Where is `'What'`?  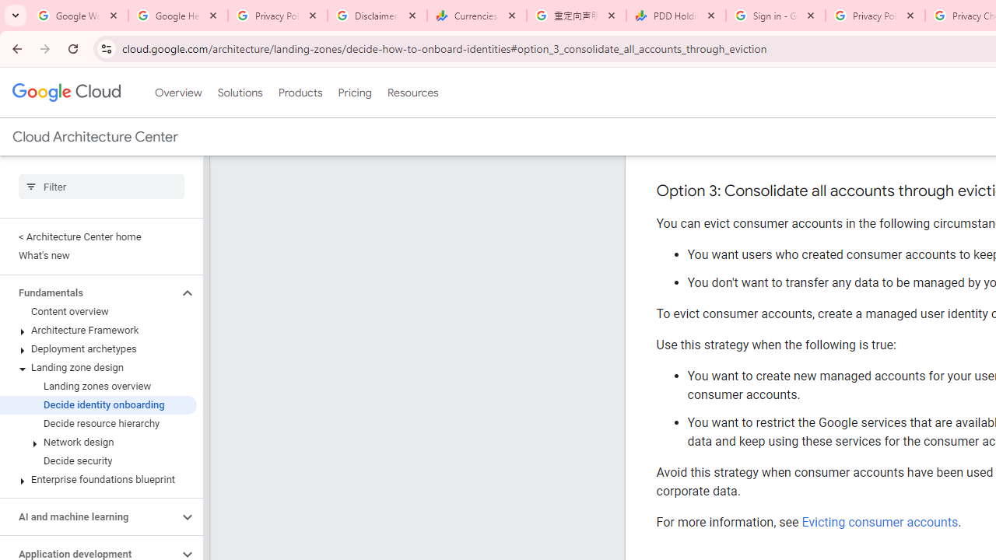 'What' is located at coordinates (97, 255).